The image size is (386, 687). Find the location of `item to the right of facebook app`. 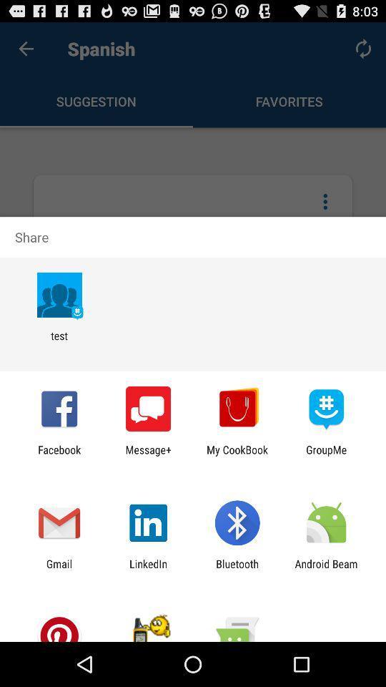

item to the right of facebook app is located at coordinates (147, 455).